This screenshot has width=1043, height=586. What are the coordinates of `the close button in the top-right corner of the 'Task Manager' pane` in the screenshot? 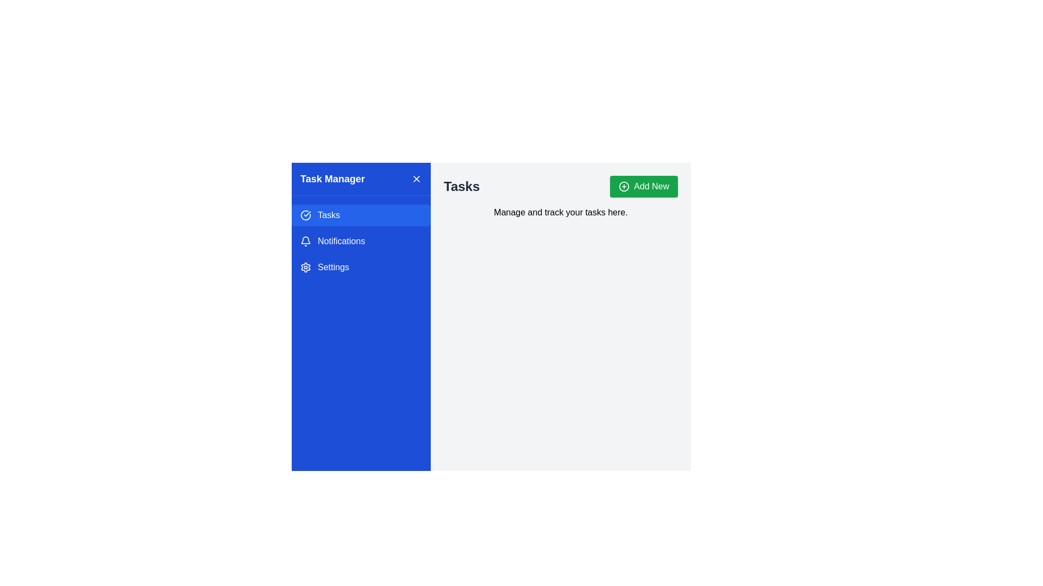 It's located at (416, 179).